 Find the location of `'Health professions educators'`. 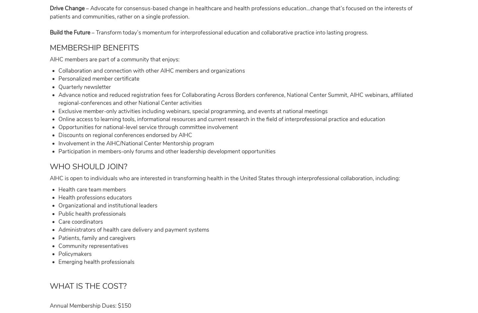

'Health professions educators' is located at coordinates (94, 197).